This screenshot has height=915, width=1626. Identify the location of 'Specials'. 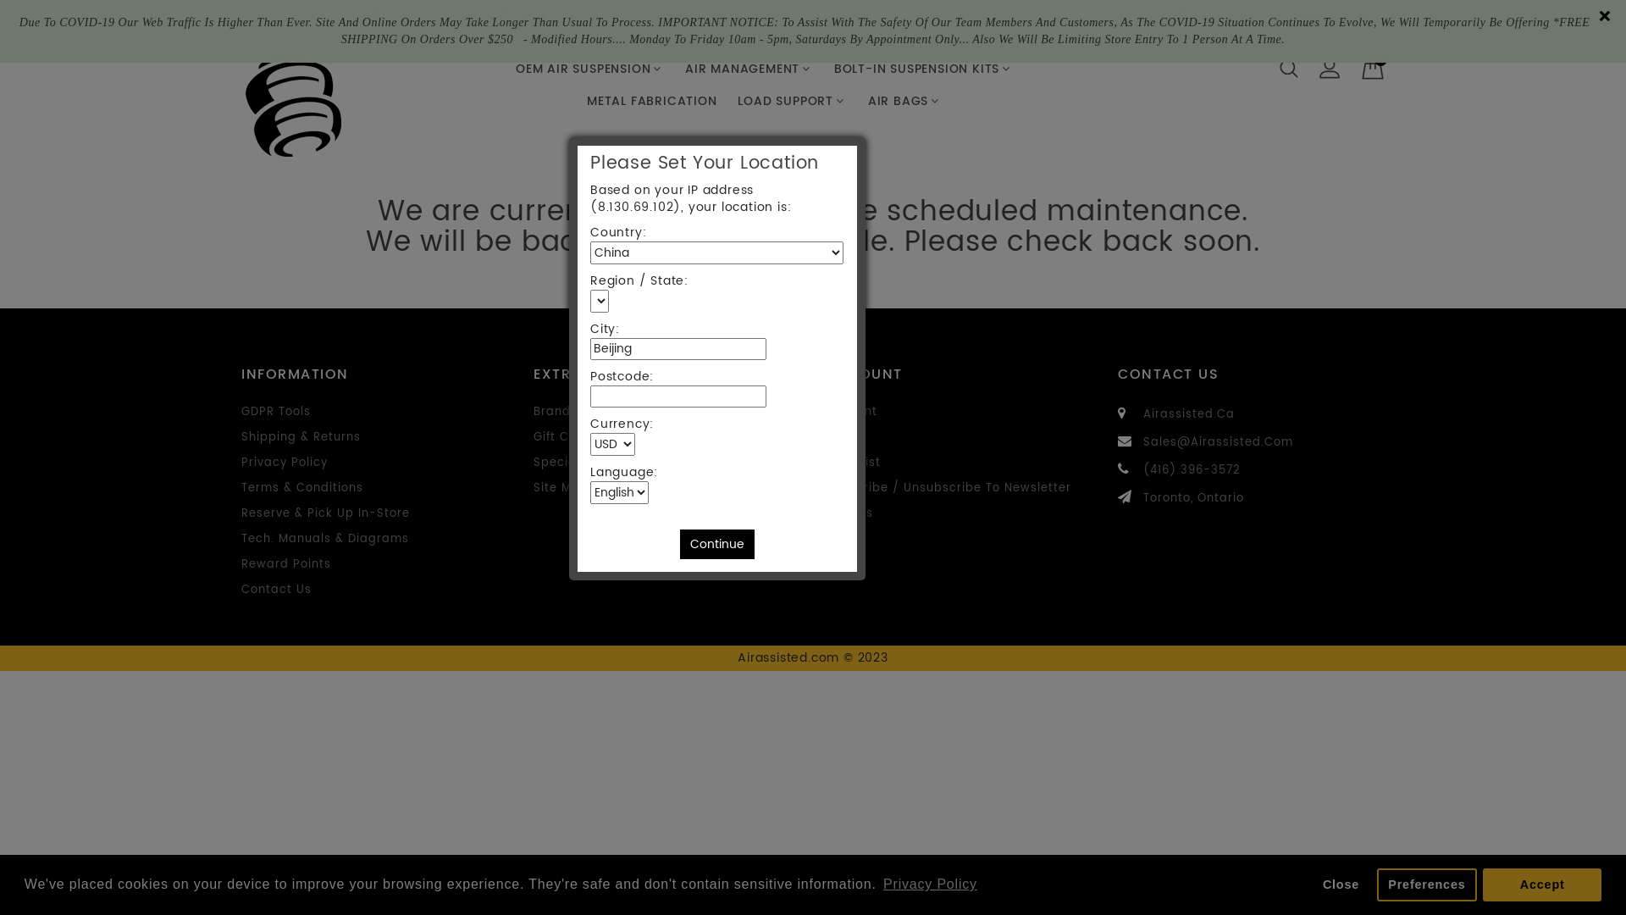
(560, 463).